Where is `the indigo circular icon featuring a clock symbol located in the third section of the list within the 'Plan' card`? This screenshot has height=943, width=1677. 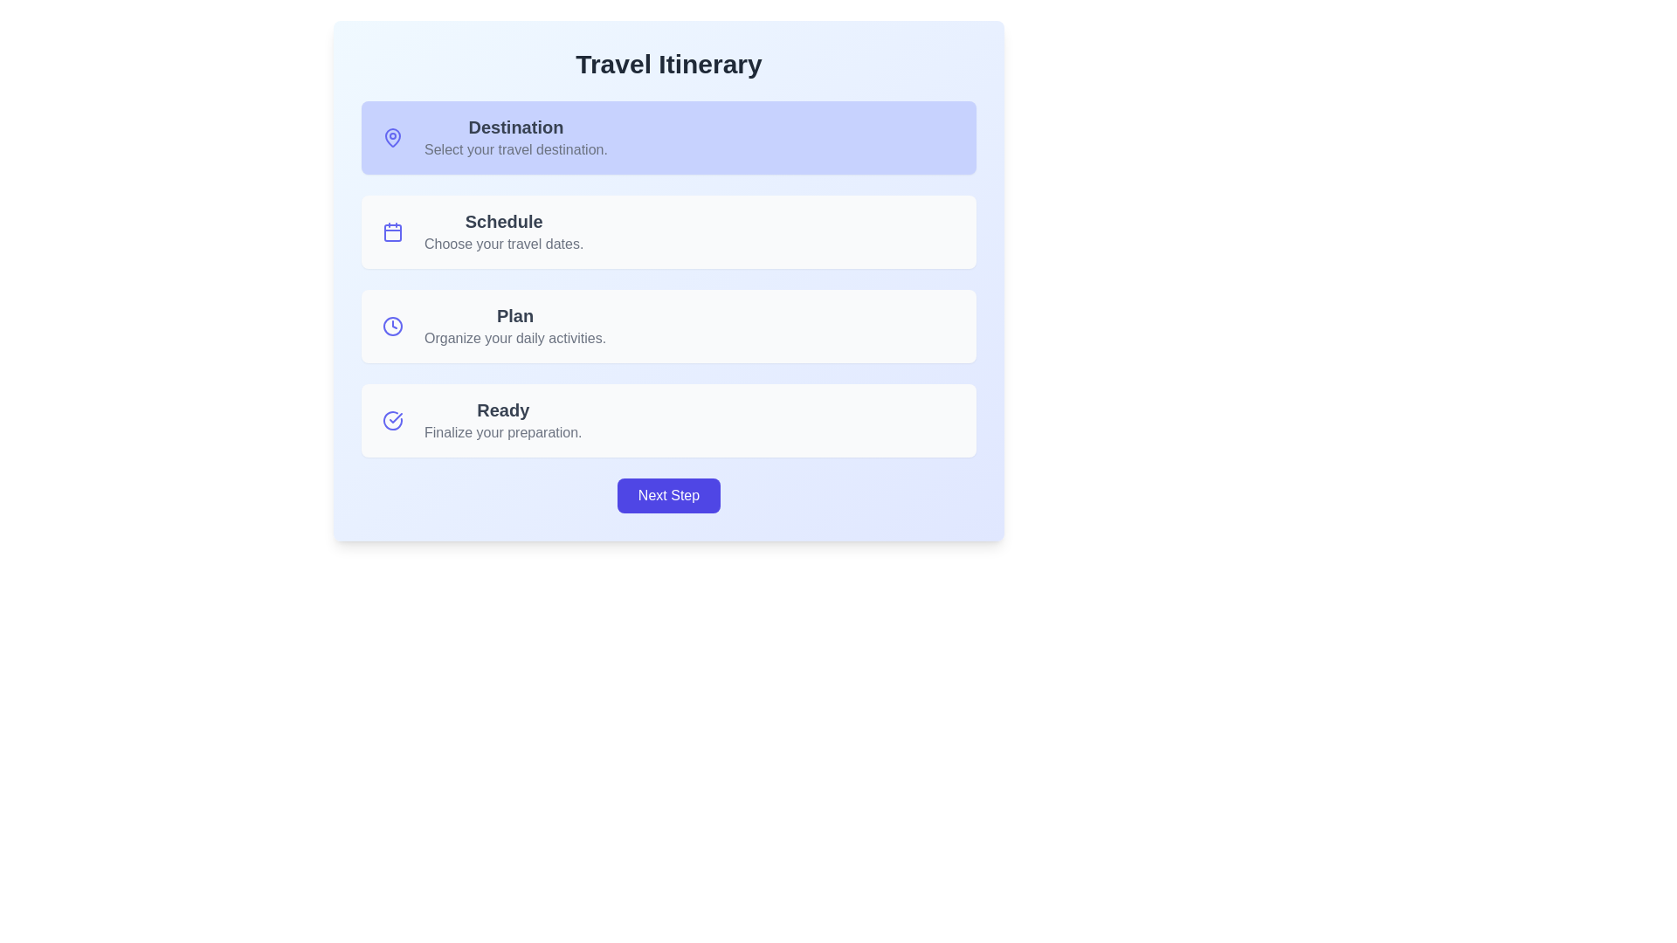
the indigo circular icon featuring a clock symbol located in the third section of the list within the 'Plan' card is located at coordinates (392, 327).